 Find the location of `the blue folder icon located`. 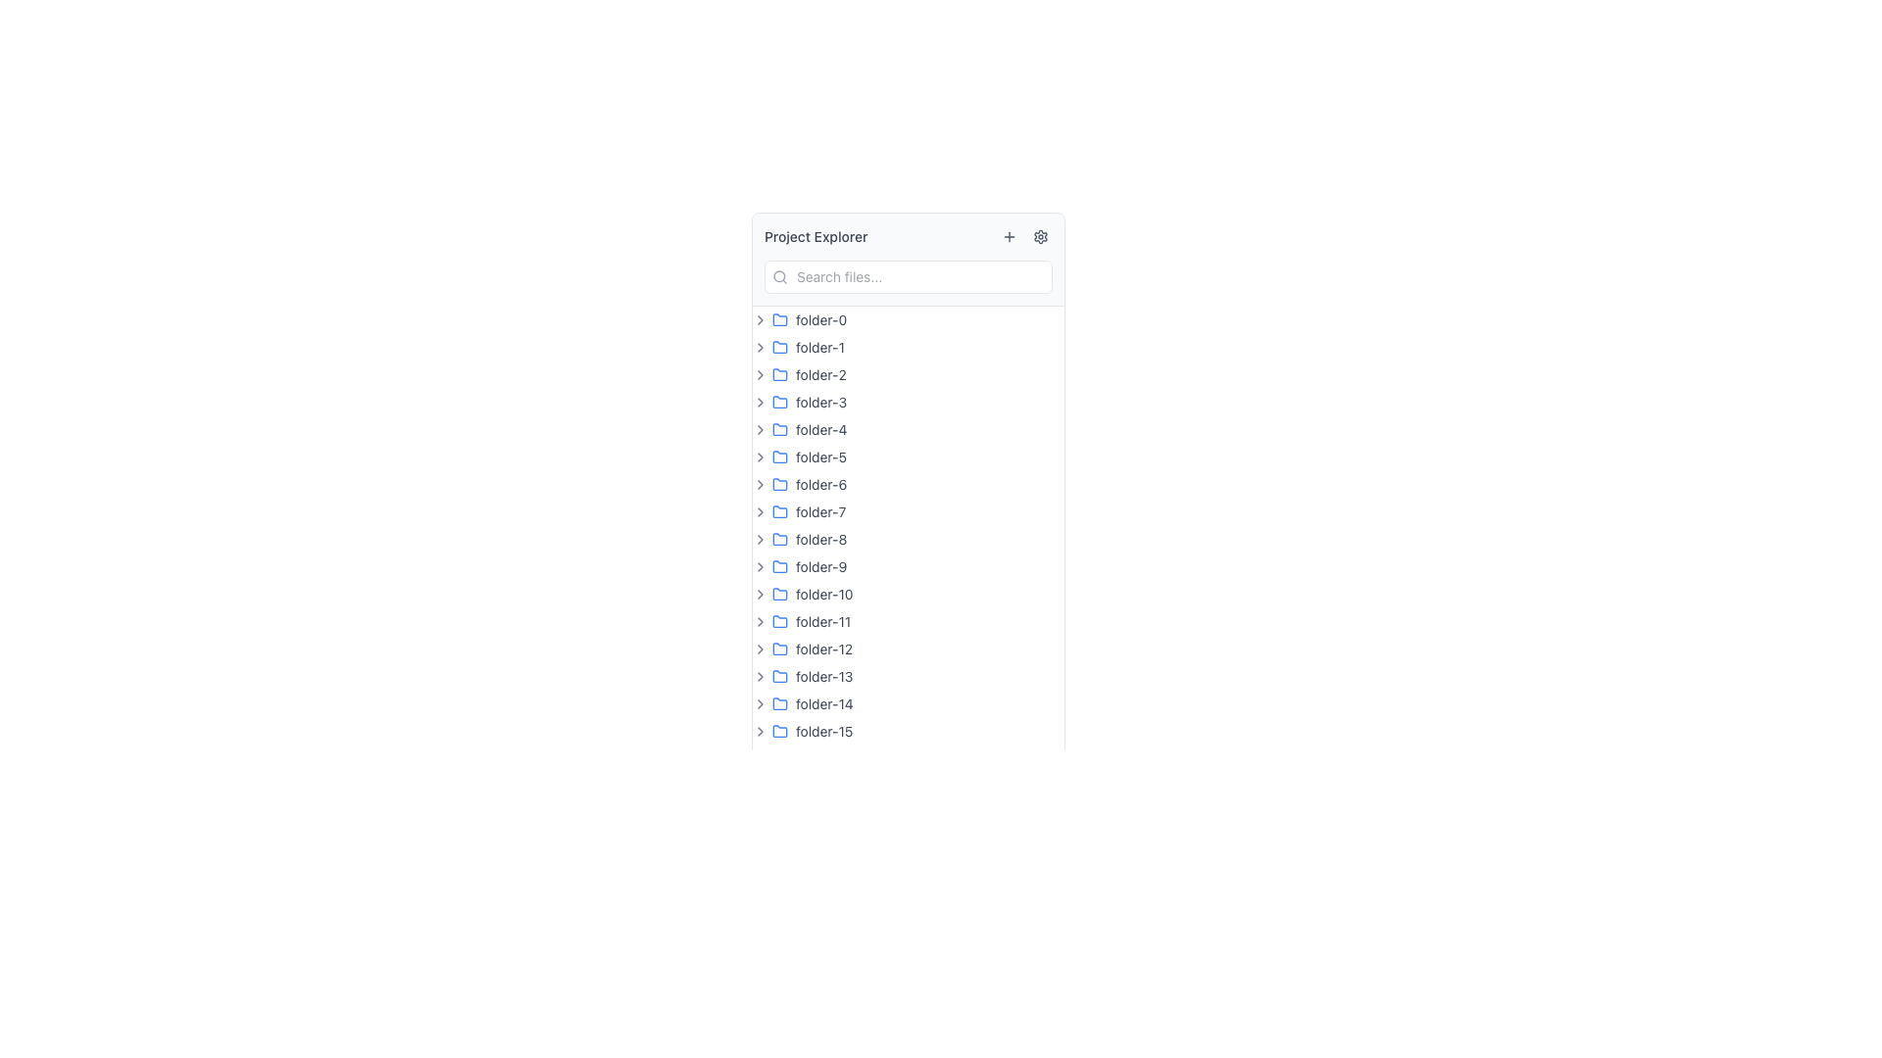

the blue folder icon located is located at coordinates (779, 539).